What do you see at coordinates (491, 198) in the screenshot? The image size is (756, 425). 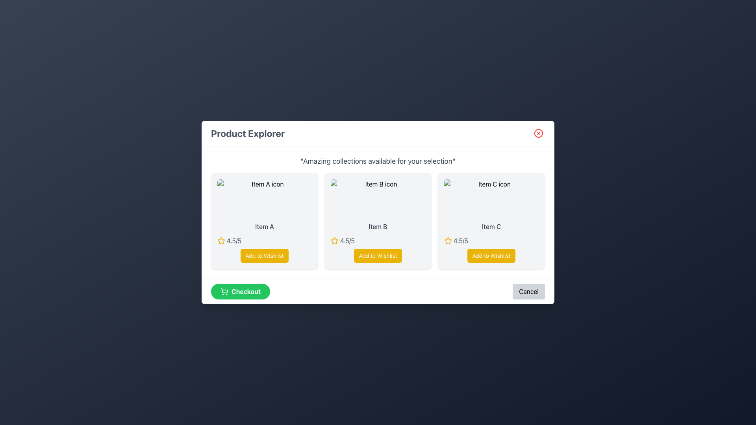 I see `the thumbnail image representing 'Item C' located` at bounding box center [491, 198].